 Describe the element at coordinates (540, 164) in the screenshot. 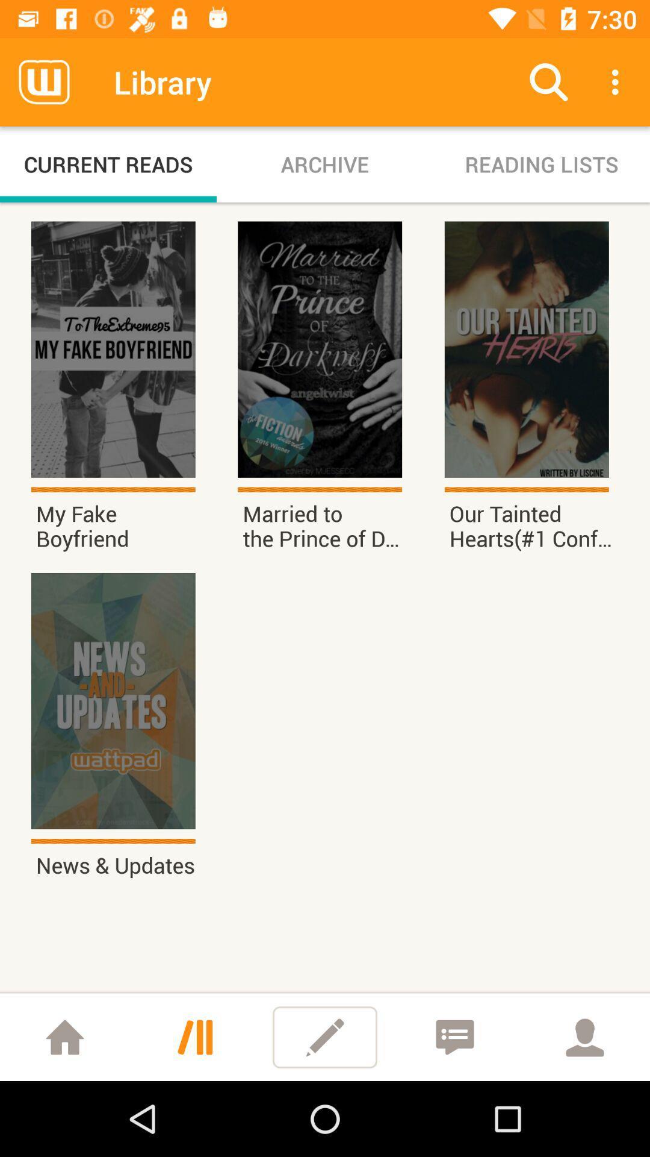

I see `the reading lists` at that location.